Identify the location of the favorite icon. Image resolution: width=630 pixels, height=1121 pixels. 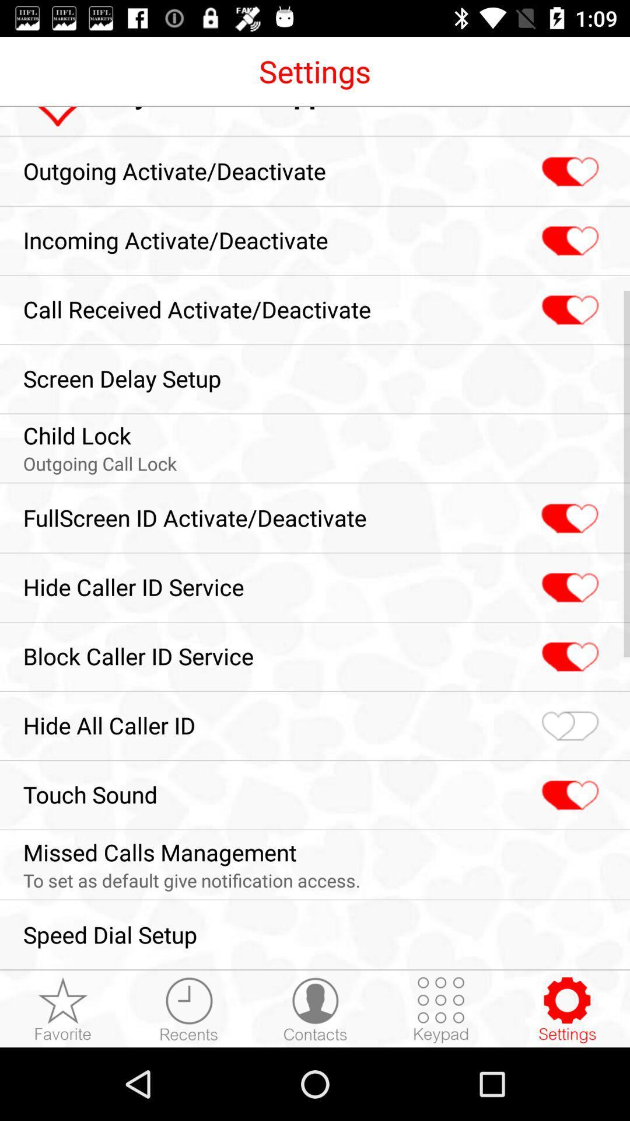
(568, 588).